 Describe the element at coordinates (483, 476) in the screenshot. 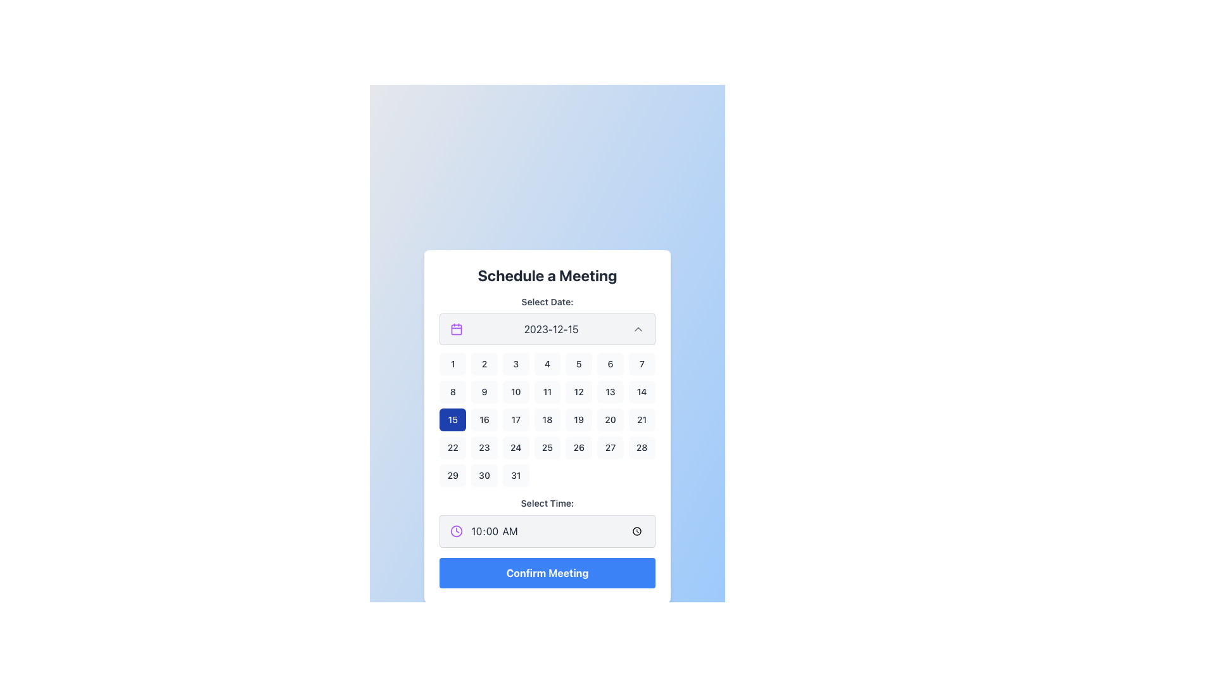

I see `the button representing the 30th day in the calendar interface` at that location.